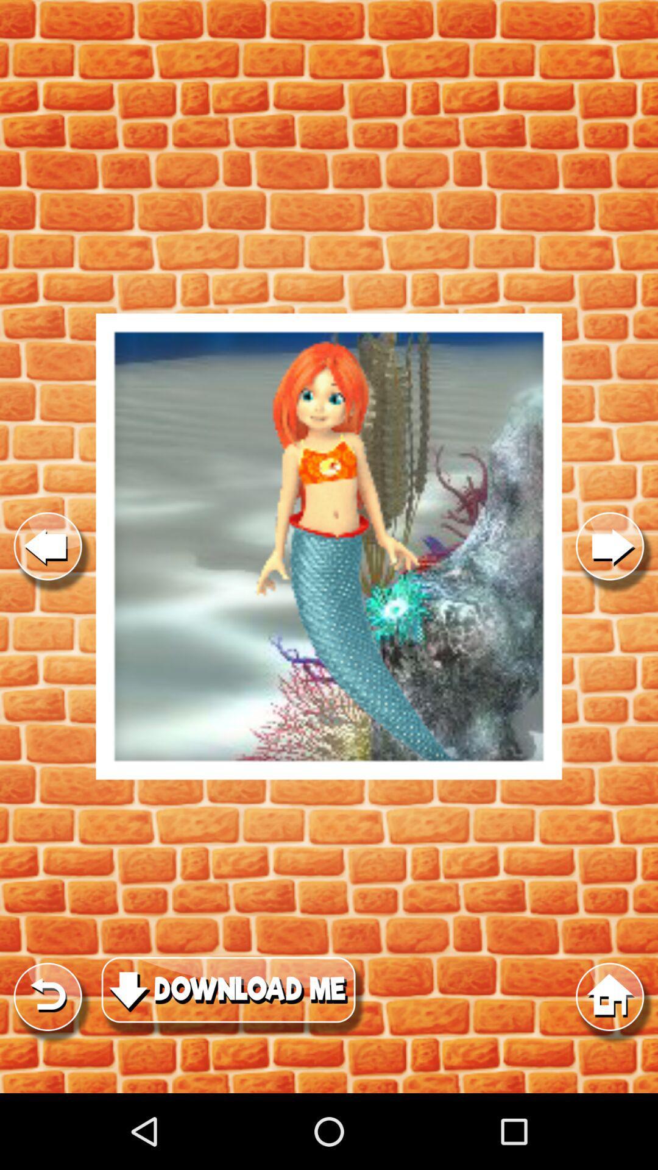 The width and height of the screenshot is (658, 1170). Describe the element at coordinates (47, 546) in the screenshot. I see `previous option` at that location.